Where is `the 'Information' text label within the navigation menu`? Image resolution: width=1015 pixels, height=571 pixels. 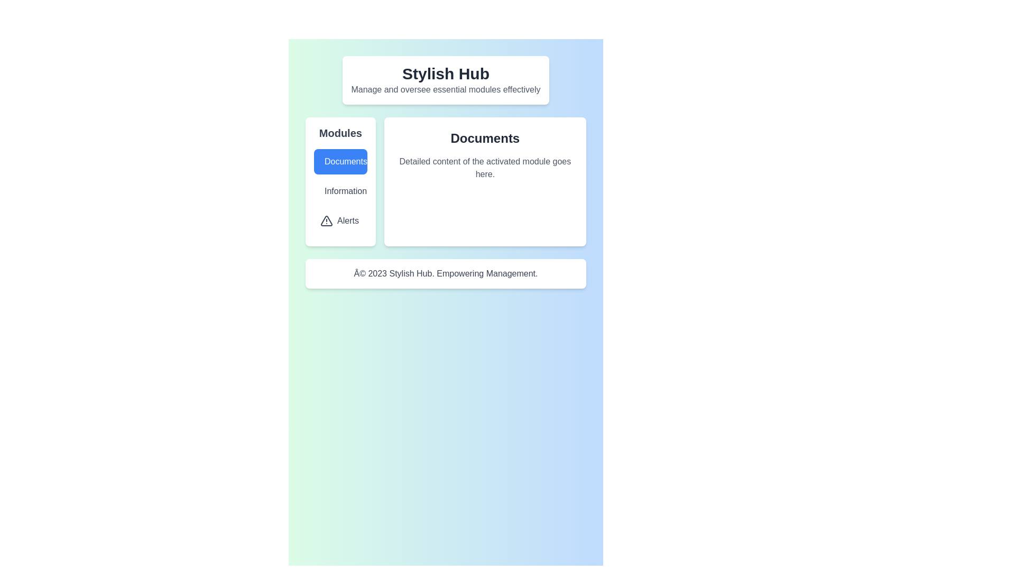 the 'Information' text label within the navigation menu is located at coordinates (340, 191).